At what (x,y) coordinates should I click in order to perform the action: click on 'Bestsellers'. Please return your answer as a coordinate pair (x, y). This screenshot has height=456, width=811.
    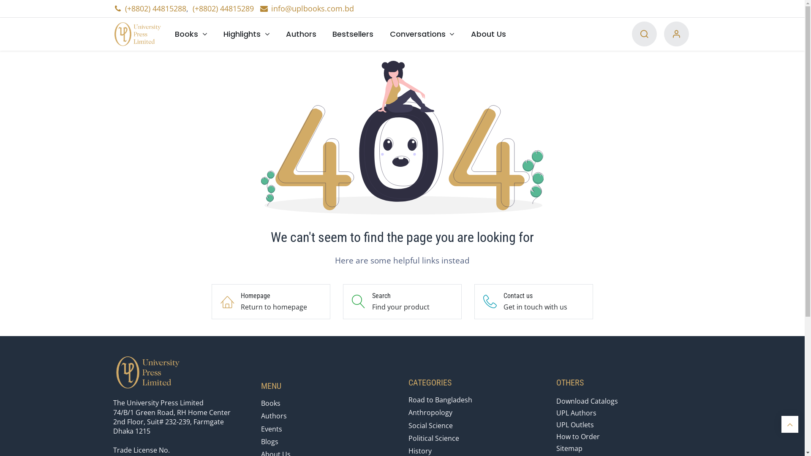
    Looking at the image, I should click on (353, 33).